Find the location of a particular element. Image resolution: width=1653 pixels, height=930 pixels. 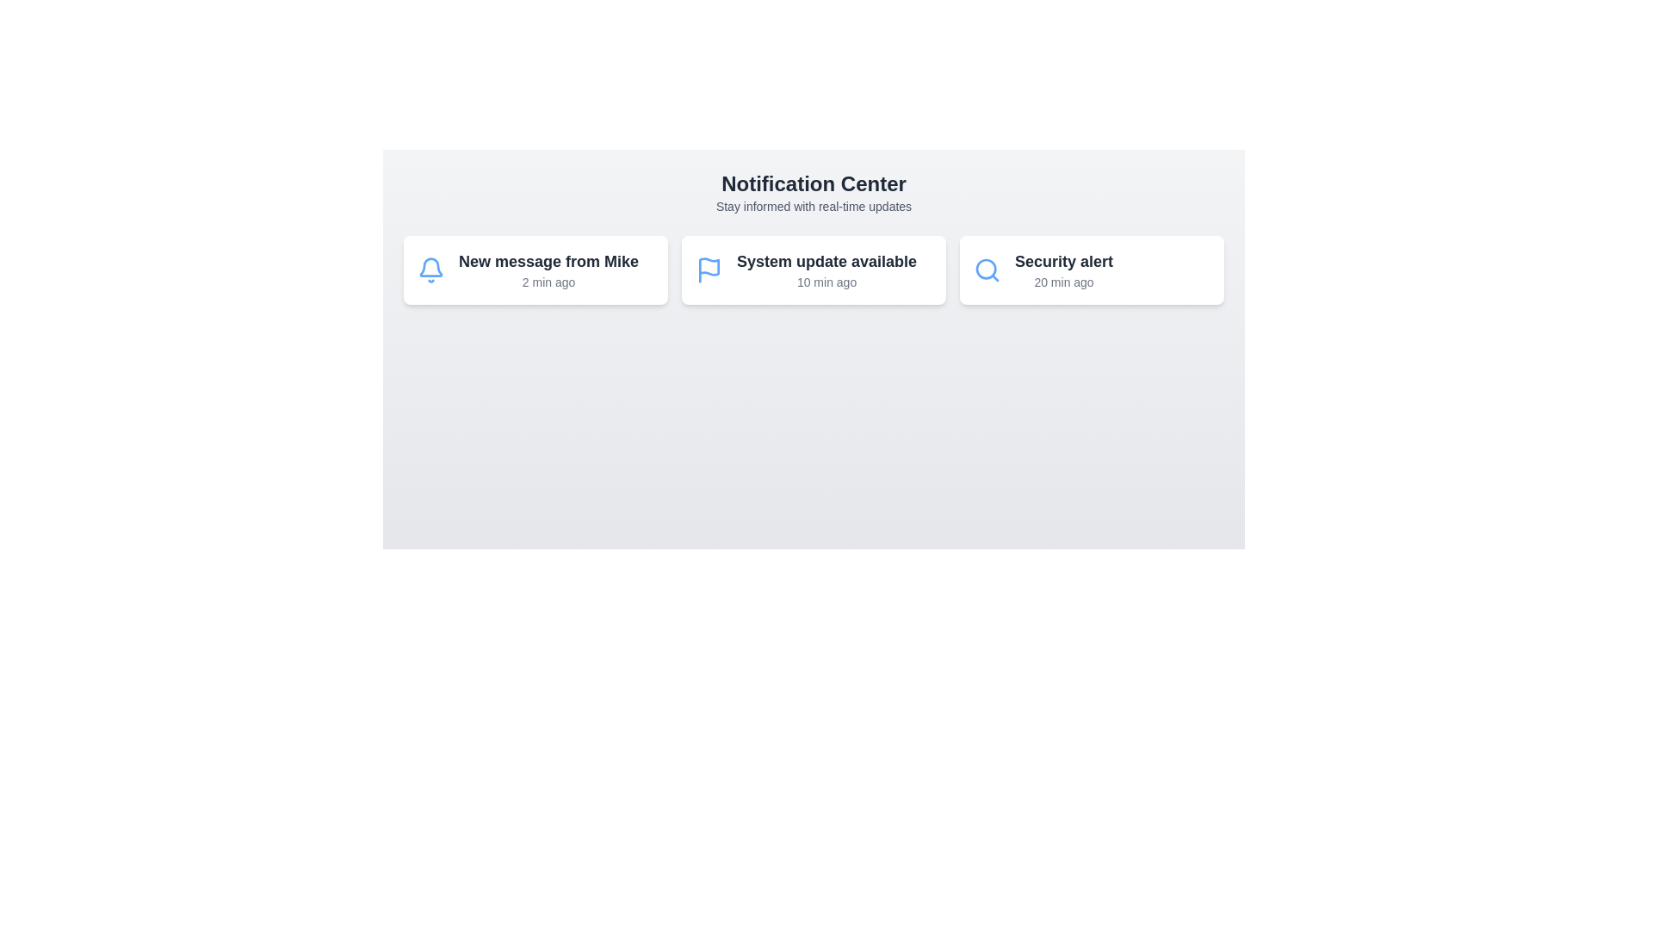

the decorative icon located to the left of the text 'Security alert' and '20 min ago' in the third notification card is located at coordinates (987, 270).